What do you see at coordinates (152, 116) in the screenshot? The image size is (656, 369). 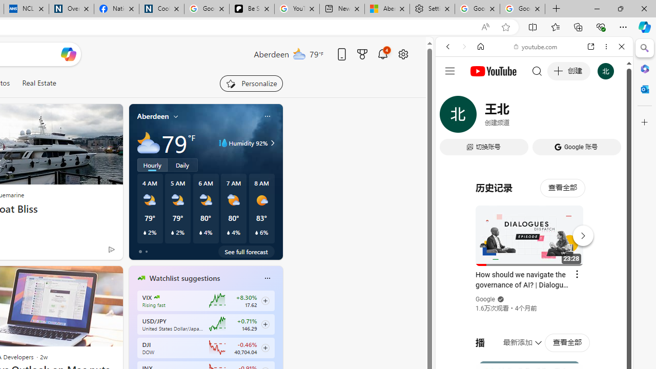 I see `'Aberdeen'` at bounding box center [152, 116].